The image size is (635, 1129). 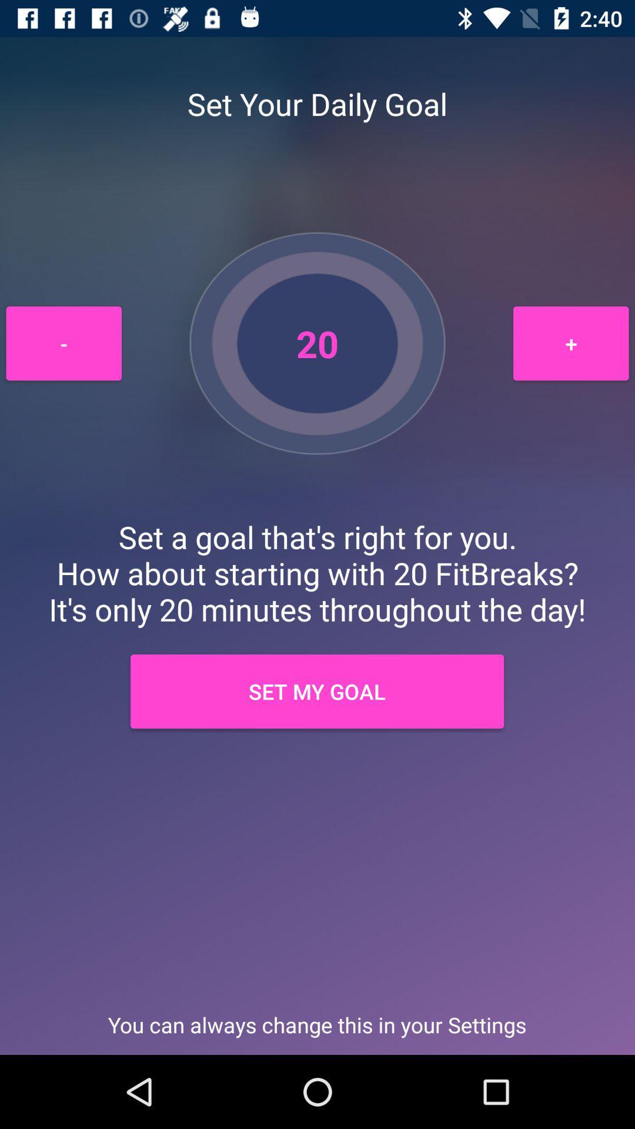 I want to click on the icon above the set a goal item, so click(x=63, y=343).